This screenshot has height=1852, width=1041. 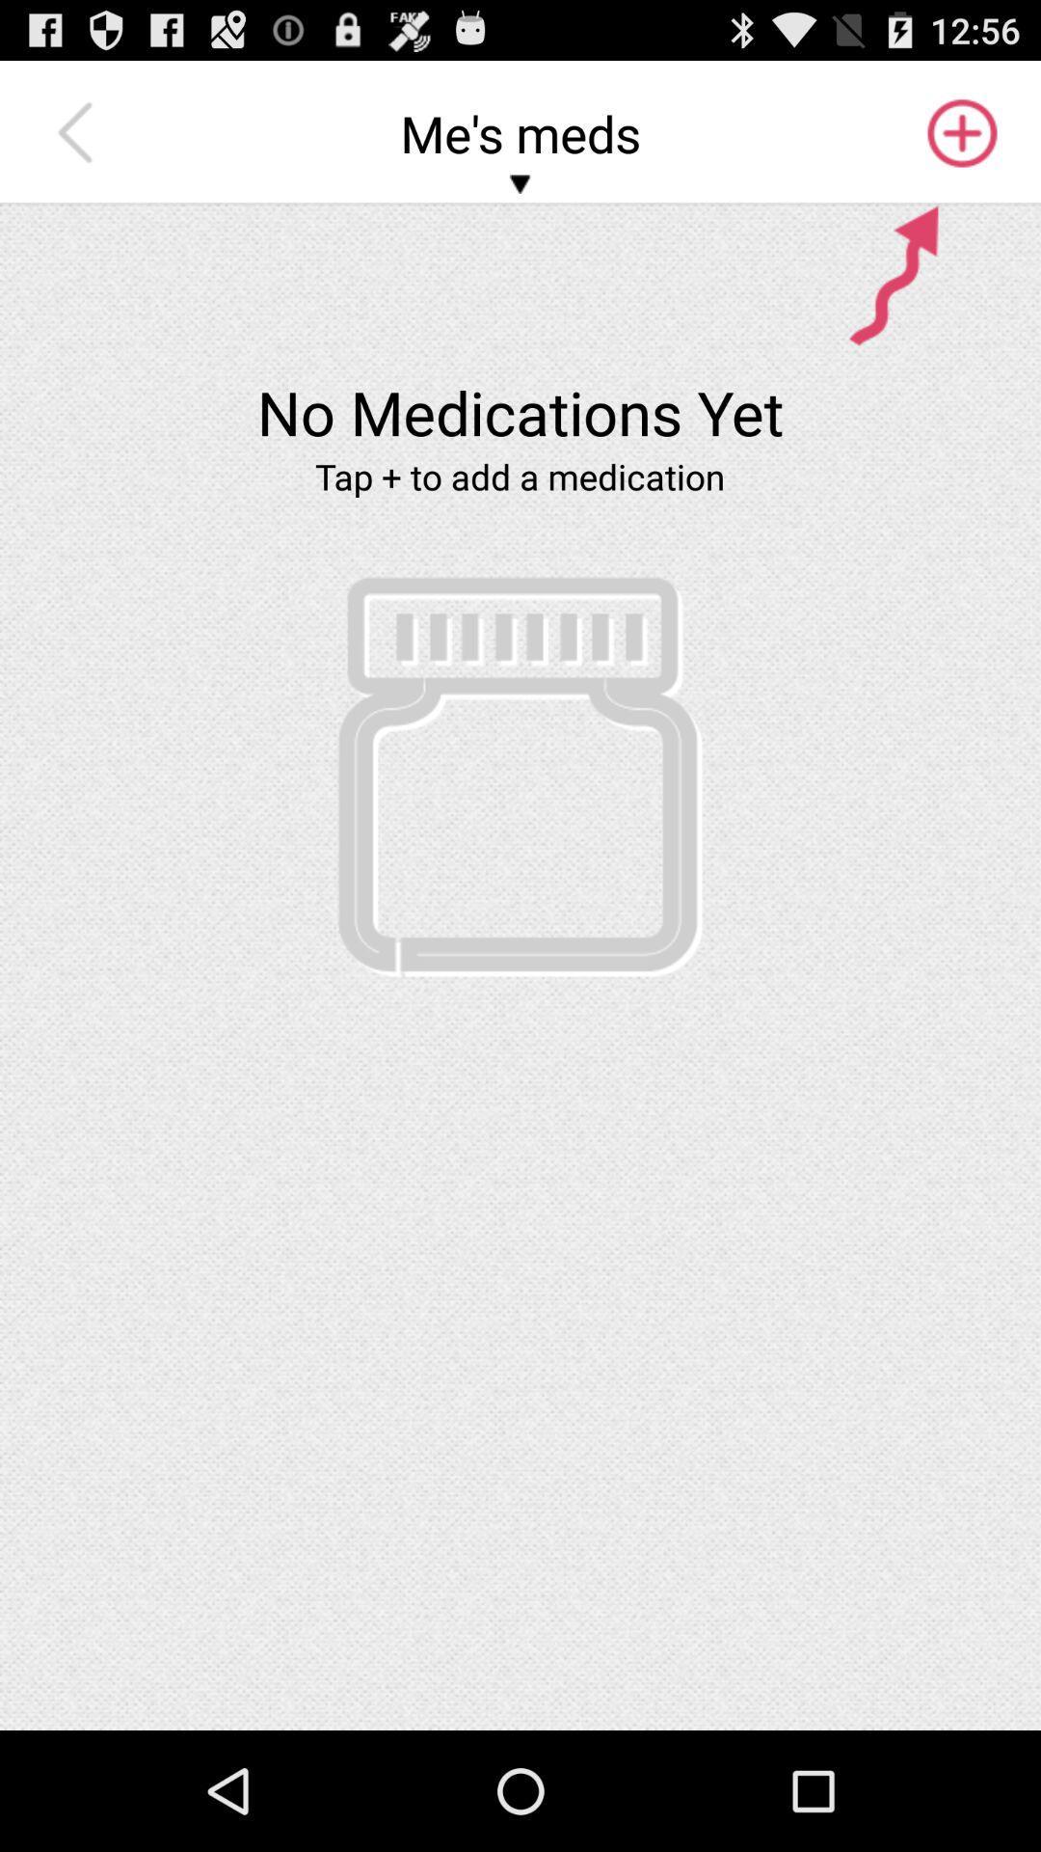 I want to click on the icon next to me's meds, so click(x=960, y=132).